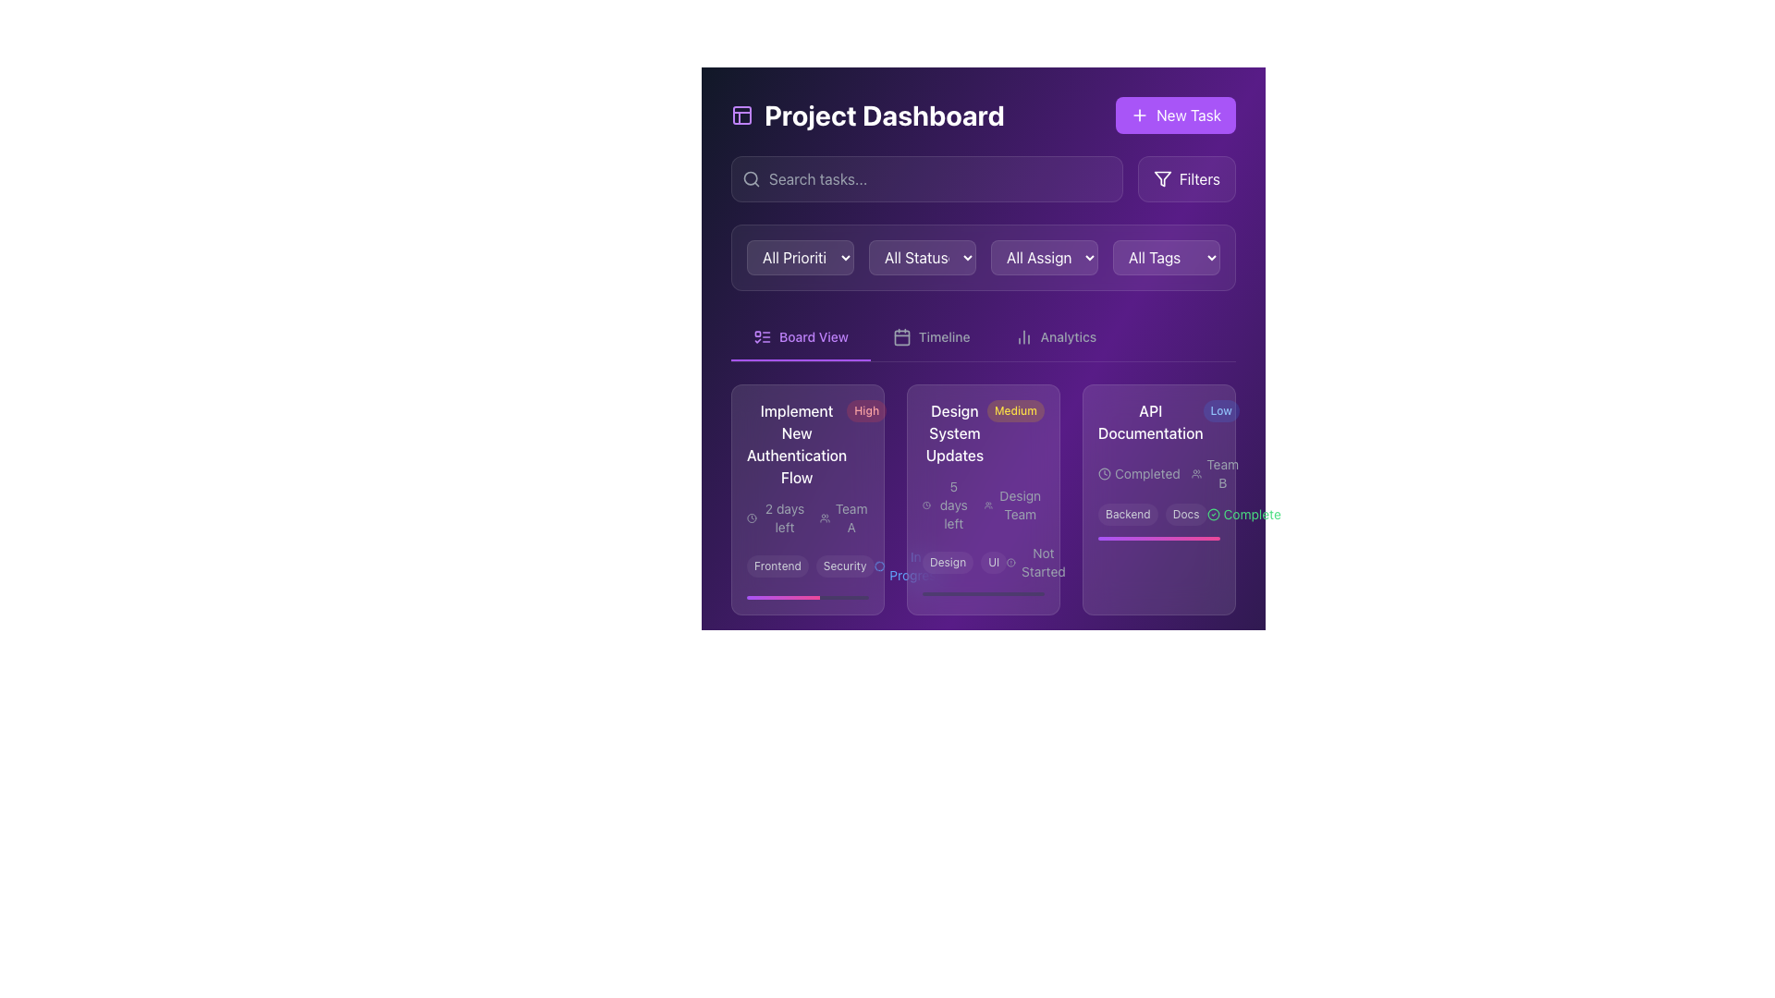  What do you see at coordinates (1243, 514) in the screenshot?
I see `the 'Complete' label with a green checkmark icon located in the bottom-right corner of the 'API Documentation' box, indicating a completed status` at bounding box center [1243, 514].